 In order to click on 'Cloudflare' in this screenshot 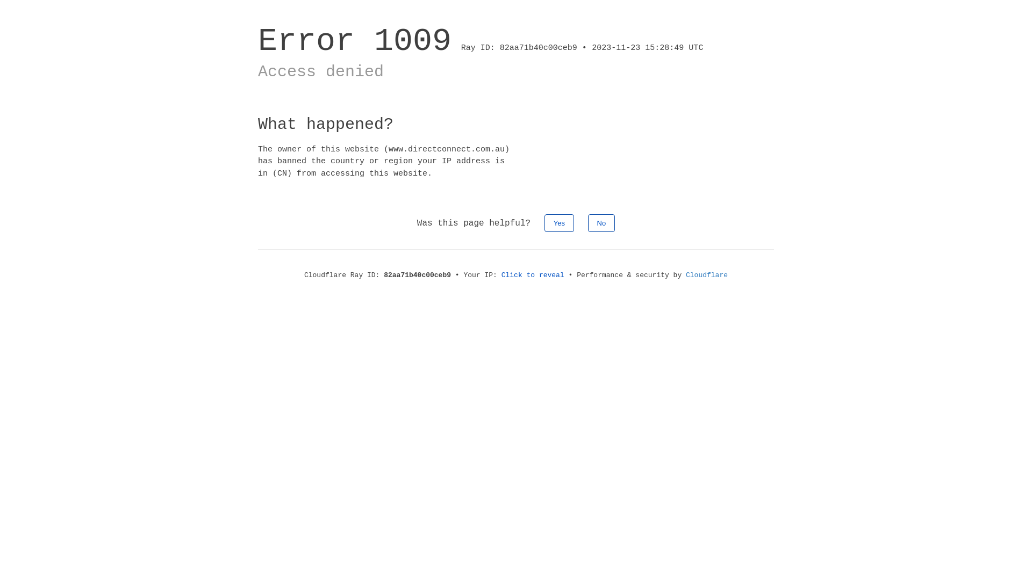, I will do `click(685, 274)`.